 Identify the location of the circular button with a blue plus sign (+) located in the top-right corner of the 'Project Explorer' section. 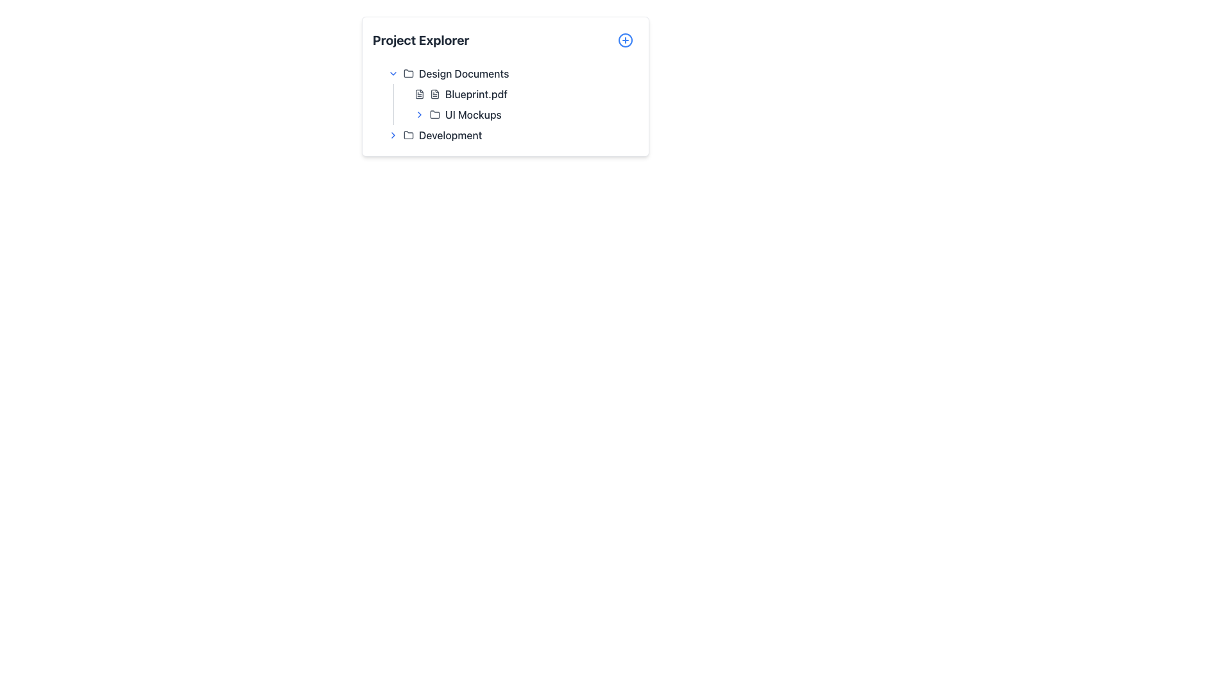
(625, 39).